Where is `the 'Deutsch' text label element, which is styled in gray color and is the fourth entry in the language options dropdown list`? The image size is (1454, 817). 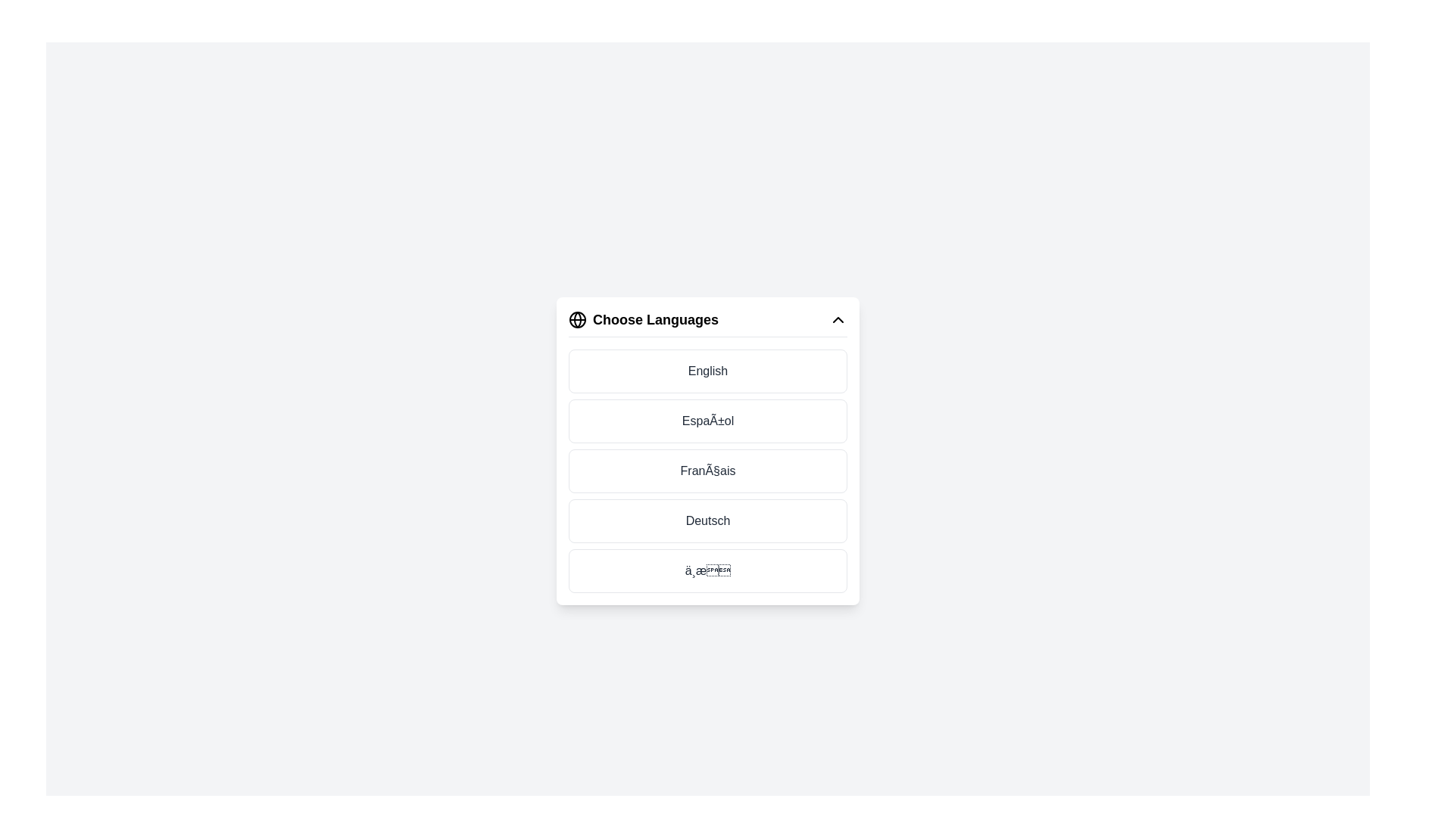 the 'Deutsch' text label element, which is styled in gray color and is the fourth entry in the language options dropdown list is located at coordinates (707, 519).